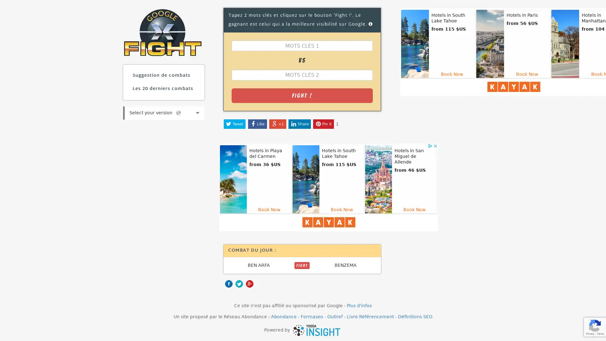 The width and height of the screenshot is (606, 341). What do you see at coordinates (301, 265) in the screenshot?
I see `FIGHT` at bounding box center [301, 265].